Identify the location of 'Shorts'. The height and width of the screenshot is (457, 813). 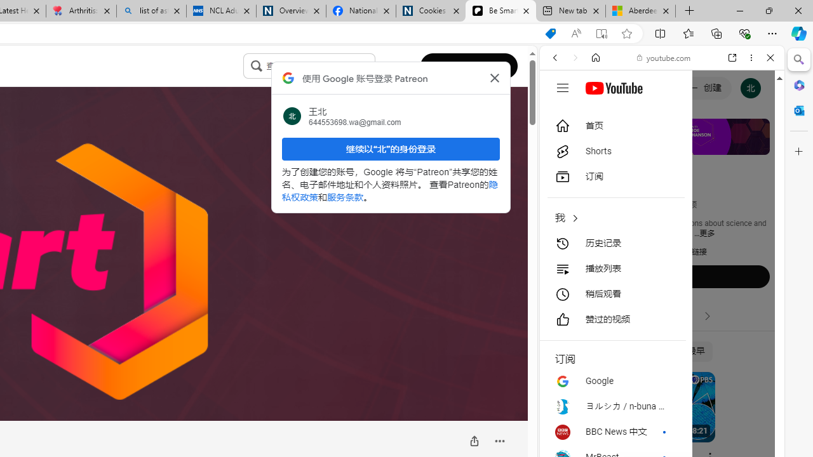
(612, 151).